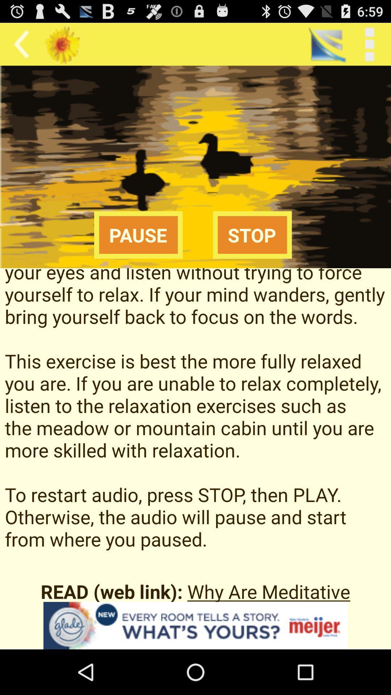  What do you see at coordinates (195, 625) in the screenshot?
I see `advertisement page` at bounding box center [195, 625].